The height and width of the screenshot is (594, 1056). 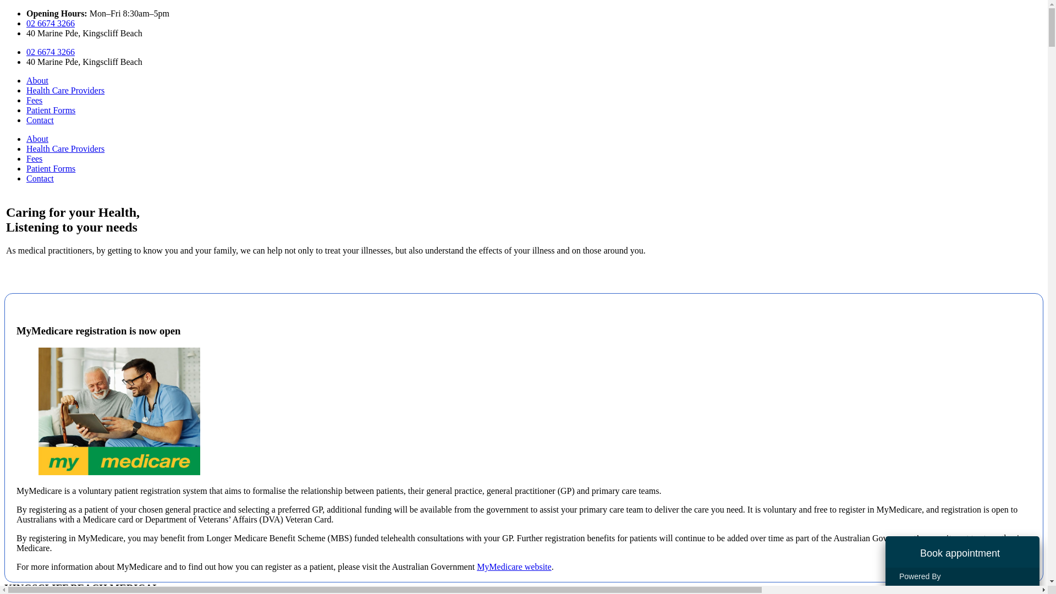 What do you see at coordinates (26, 110) in the screenshot?
I see `'Patient Forms'` at bounding box center [26, 110].